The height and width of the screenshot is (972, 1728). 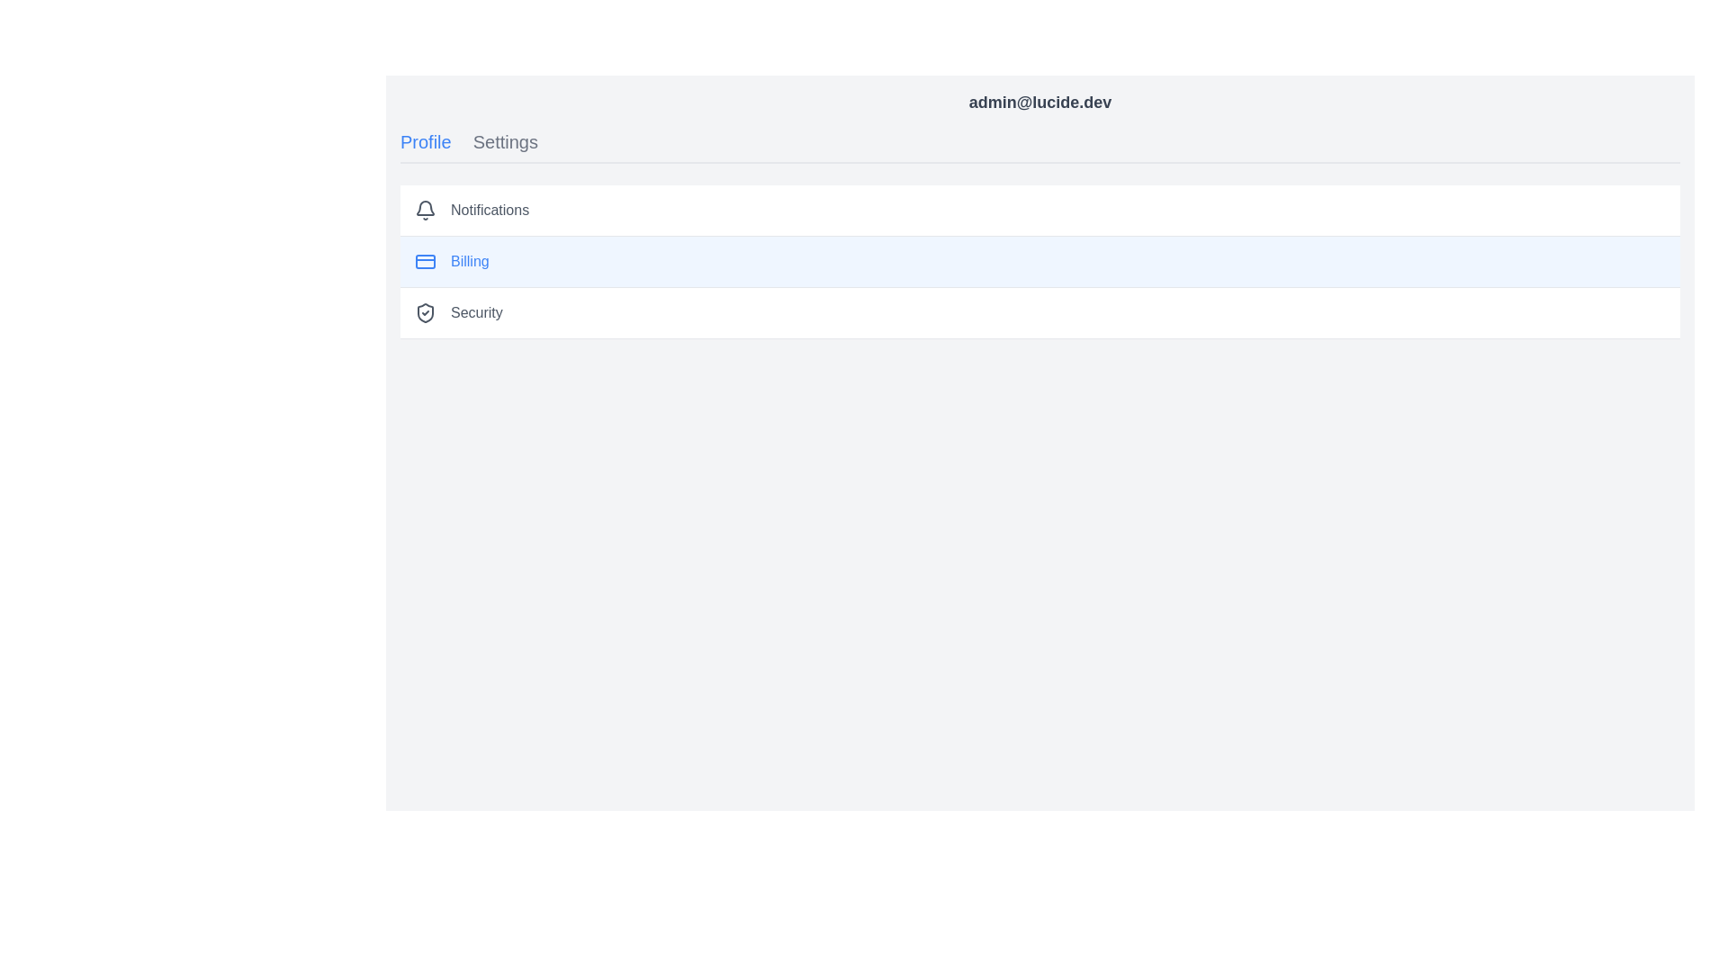 I want to click on the 'Settings' text label, which is styled in a large and bold gray font, so click(x=504, y=141).